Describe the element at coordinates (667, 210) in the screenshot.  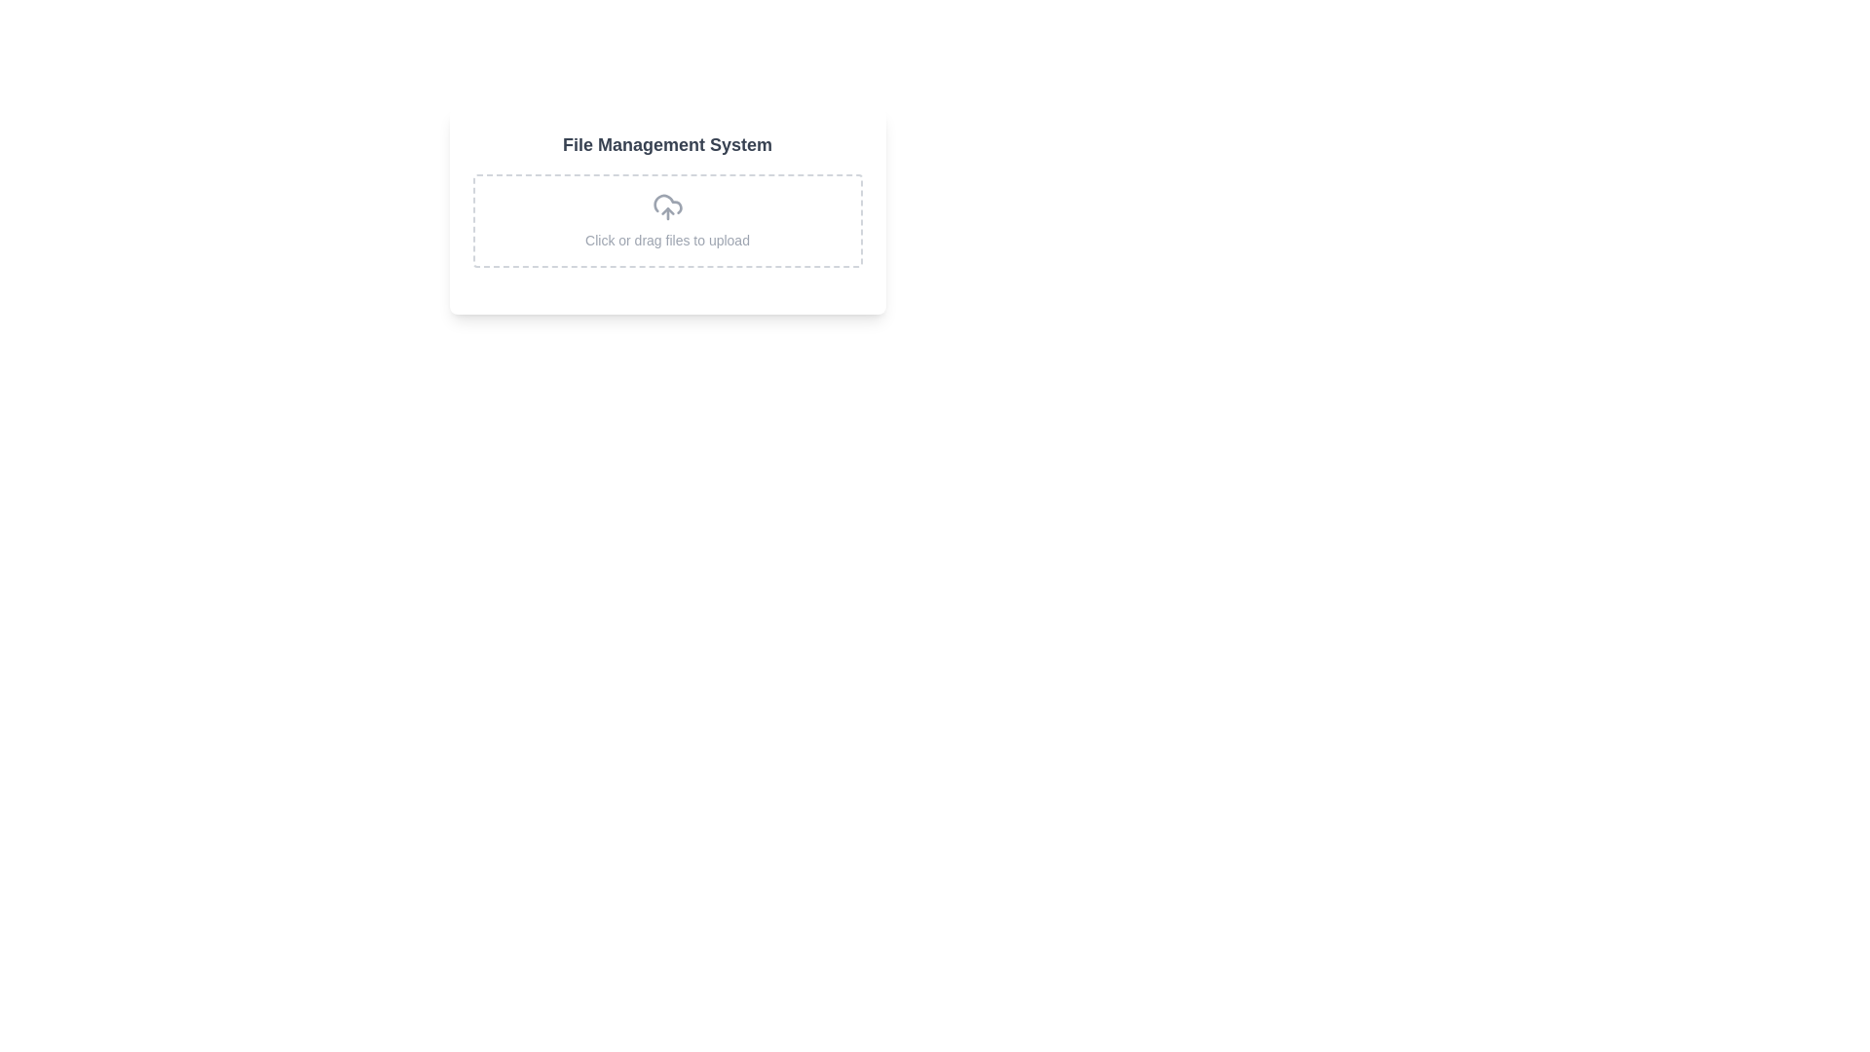
I see `the 'File Management System' upload area` at that location.